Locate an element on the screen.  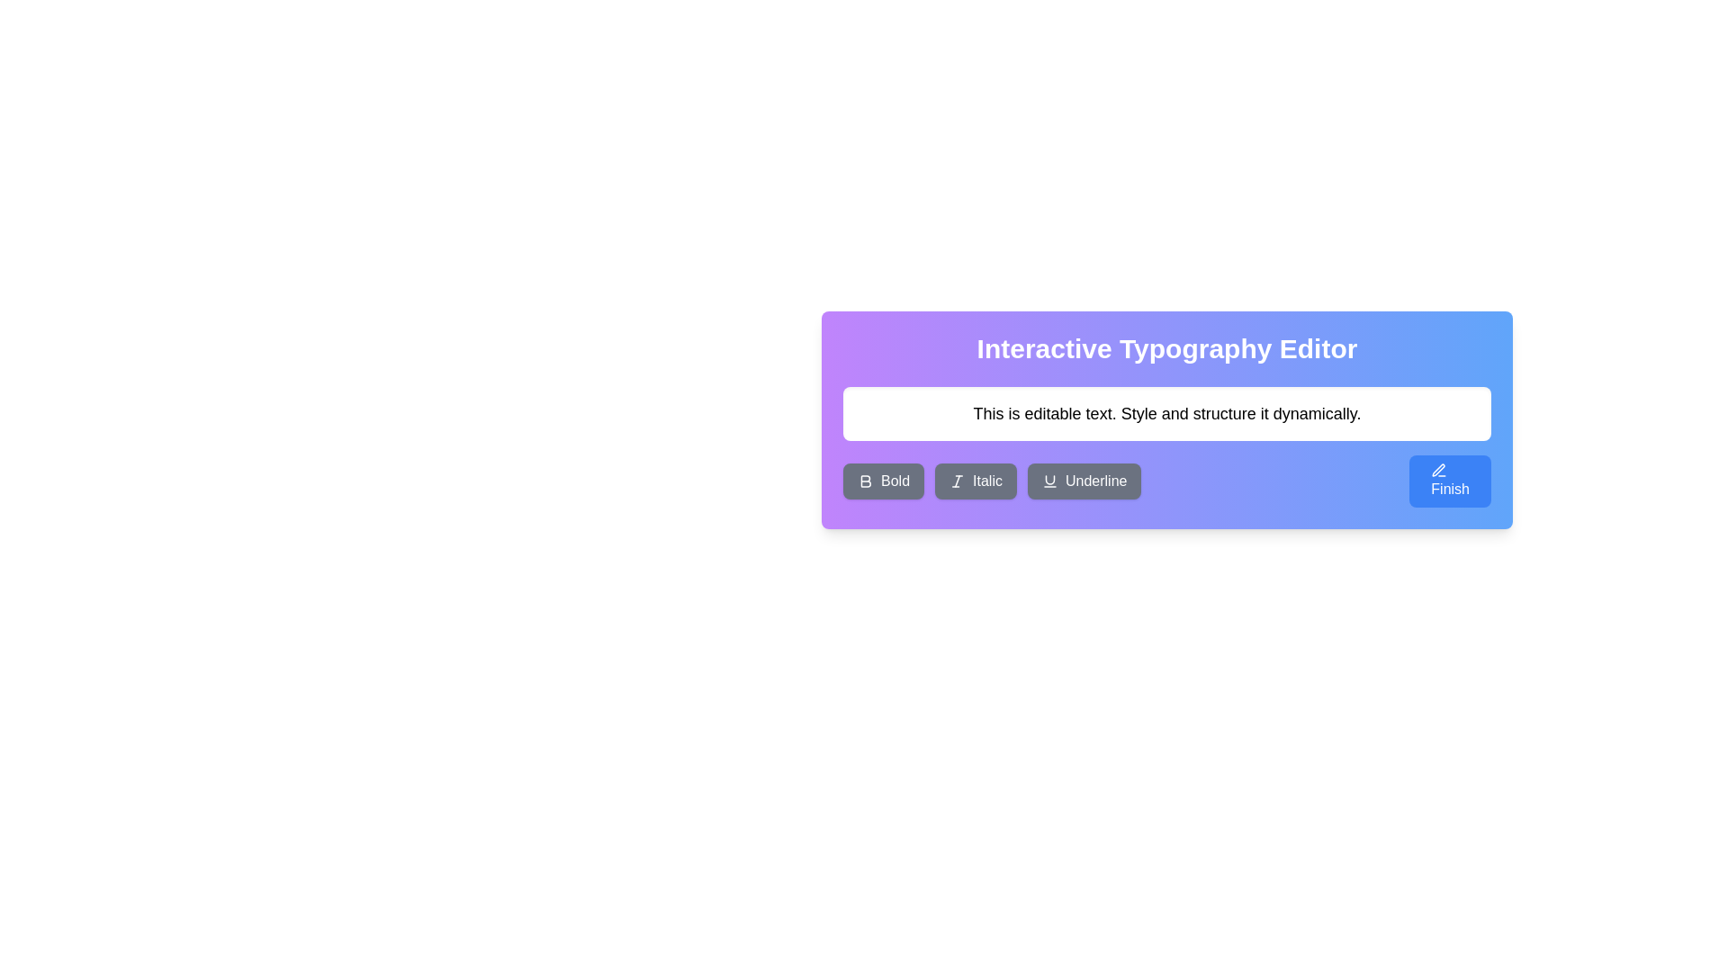
the italic styling button located centrally in the button group that applies italic styling to selected text when clicked is located at coordinates (975, 481).